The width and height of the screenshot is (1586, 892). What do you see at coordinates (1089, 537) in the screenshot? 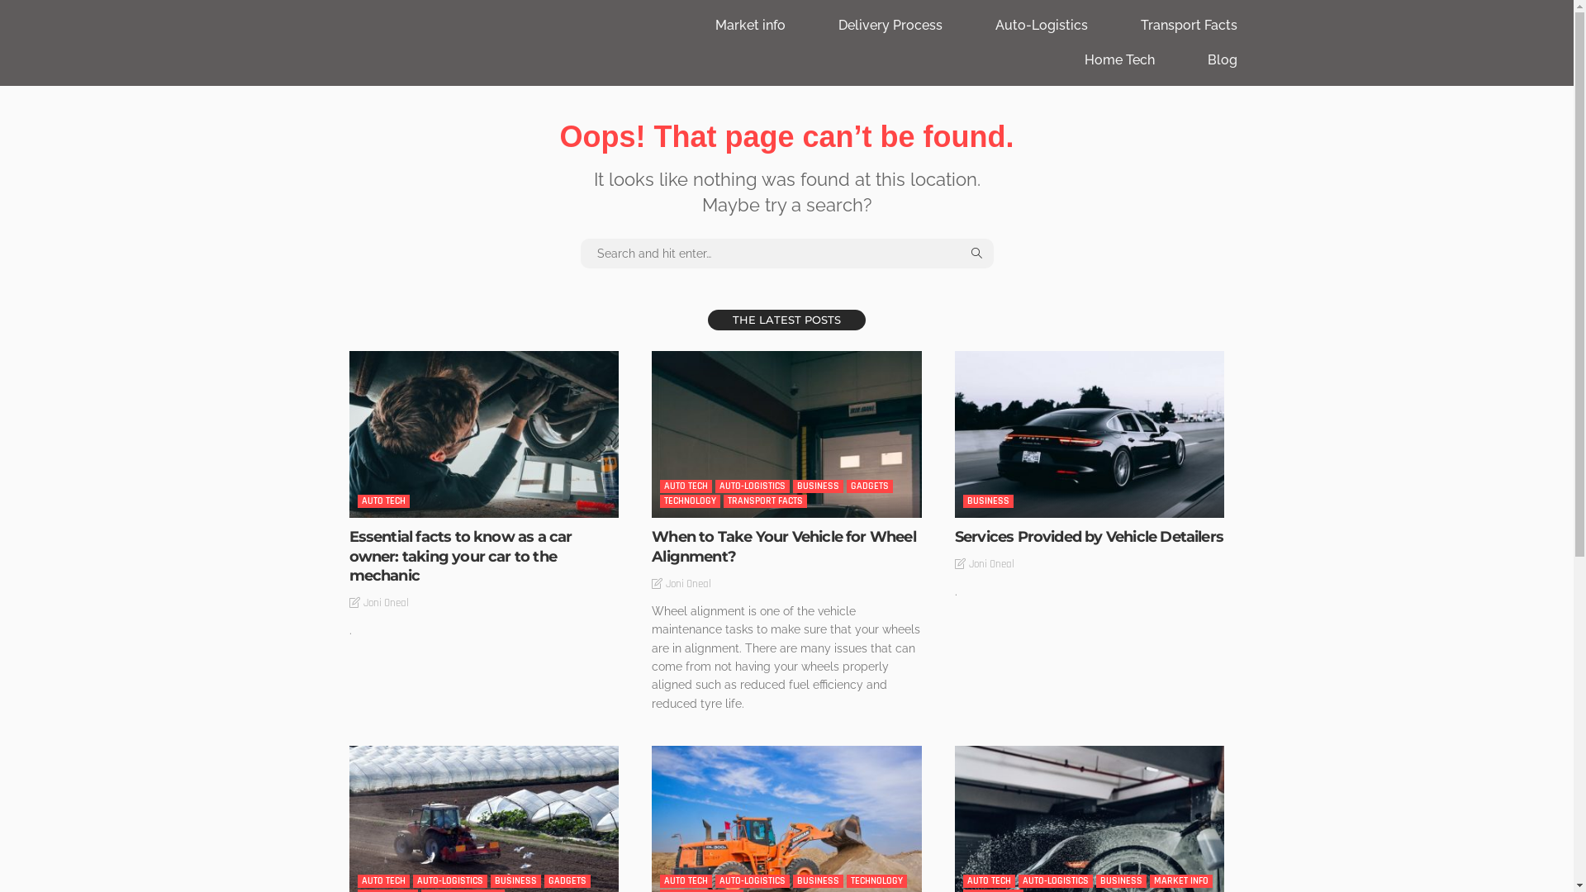
I see `'Services Provided by Vehicle Detailers'` at bounding box center [1089, 537].